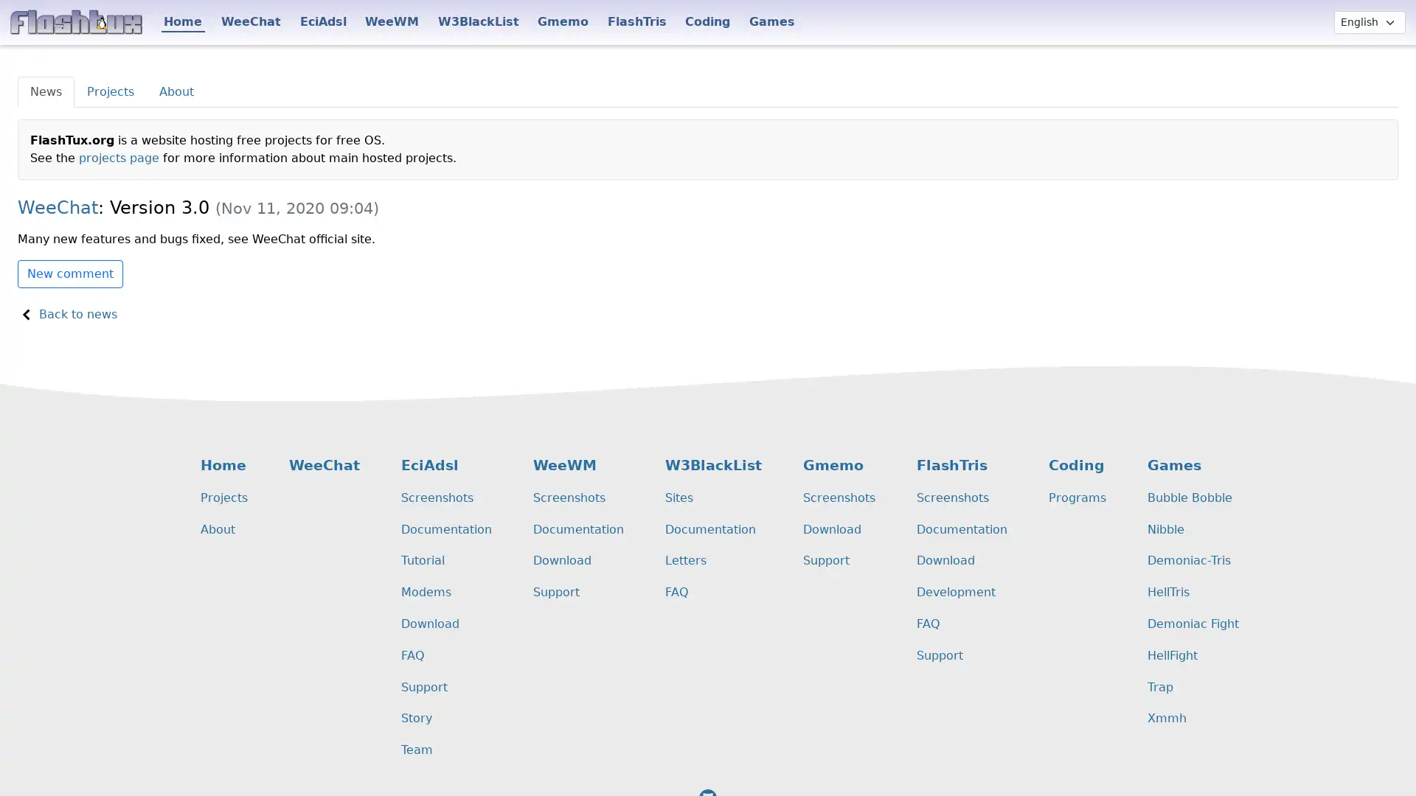 The height and width of the screenshot is (796, 1416). Describe the element at coordinates (69, 273) in the screenshot. I see `New comment` at that location.